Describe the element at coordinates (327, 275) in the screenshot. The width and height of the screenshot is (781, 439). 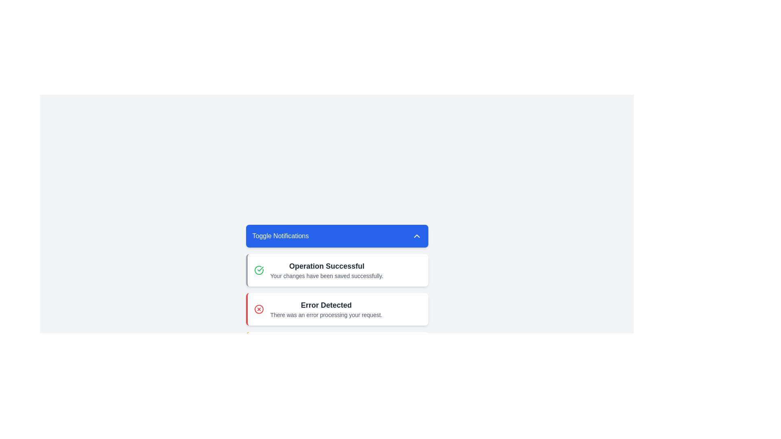
I see `the text label that reads 'Your changes have been saved successfully.' which is located below the bold text 'Operation Successful' in the notification box` at that location.